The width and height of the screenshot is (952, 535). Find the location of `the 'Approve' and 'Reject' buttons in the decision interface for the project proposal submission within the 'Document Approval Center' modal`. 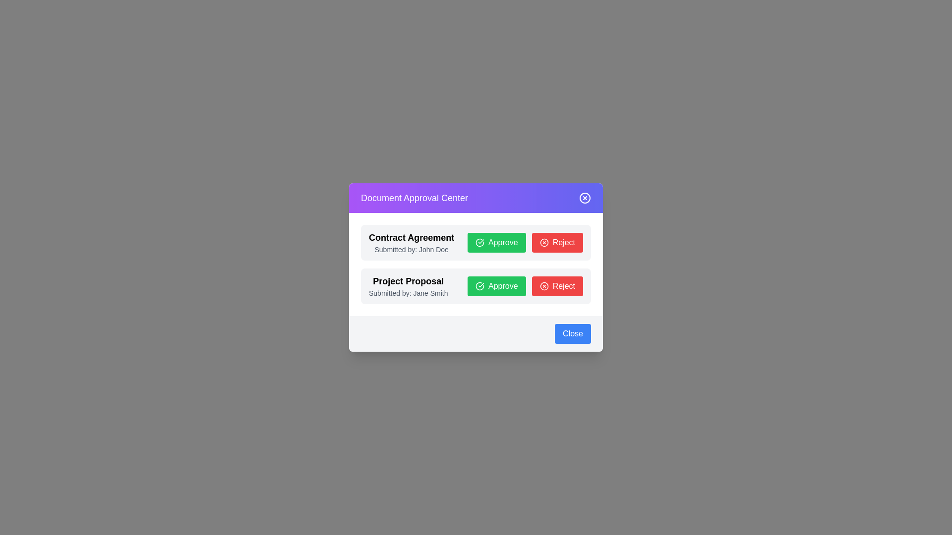

the 'Approve' and 'Reject' buttons in the decision interface for the project proposal submission within the 'Document Approval Center' modal is located at coordinates (476, 286).